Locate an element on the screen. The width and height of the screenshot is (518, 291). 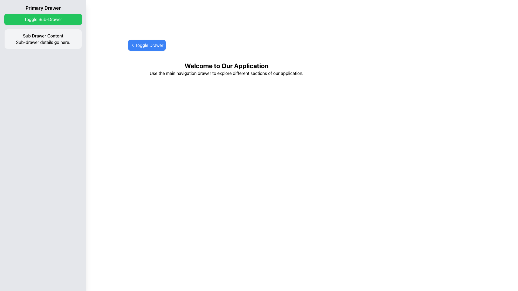
the Chevron Icon located to the left of the text label inside the 'Toggle Drawer' button is located at coordinates (132, 45).